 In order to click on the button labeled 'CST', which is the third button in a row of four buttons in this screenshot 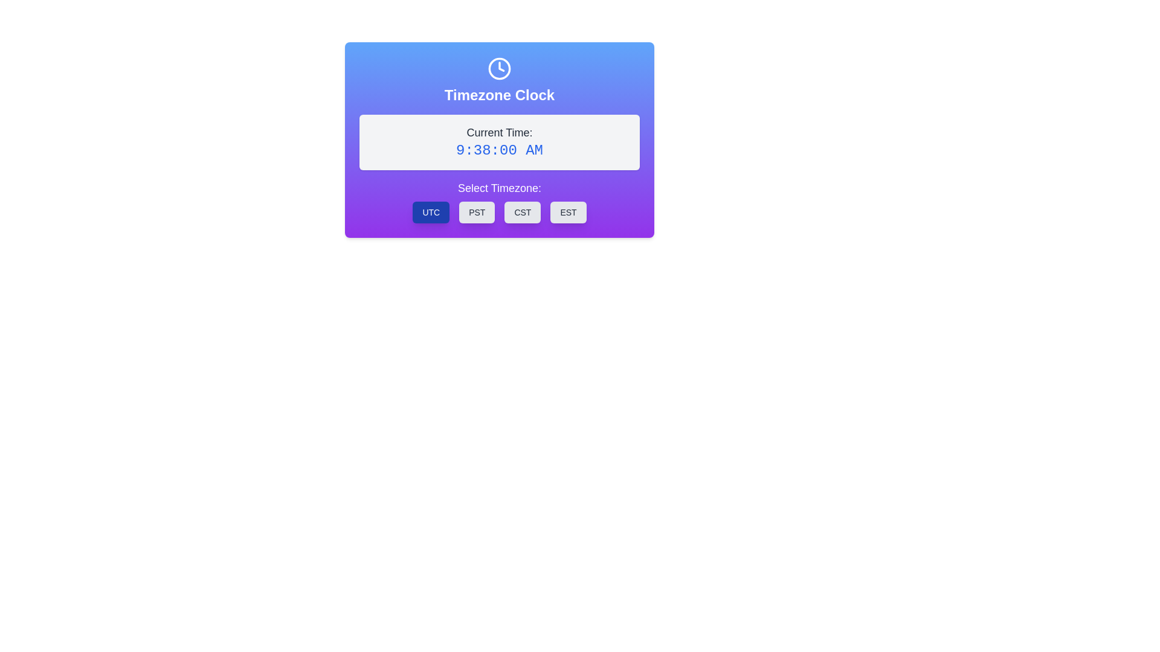, I will do `click(523, 211)`.